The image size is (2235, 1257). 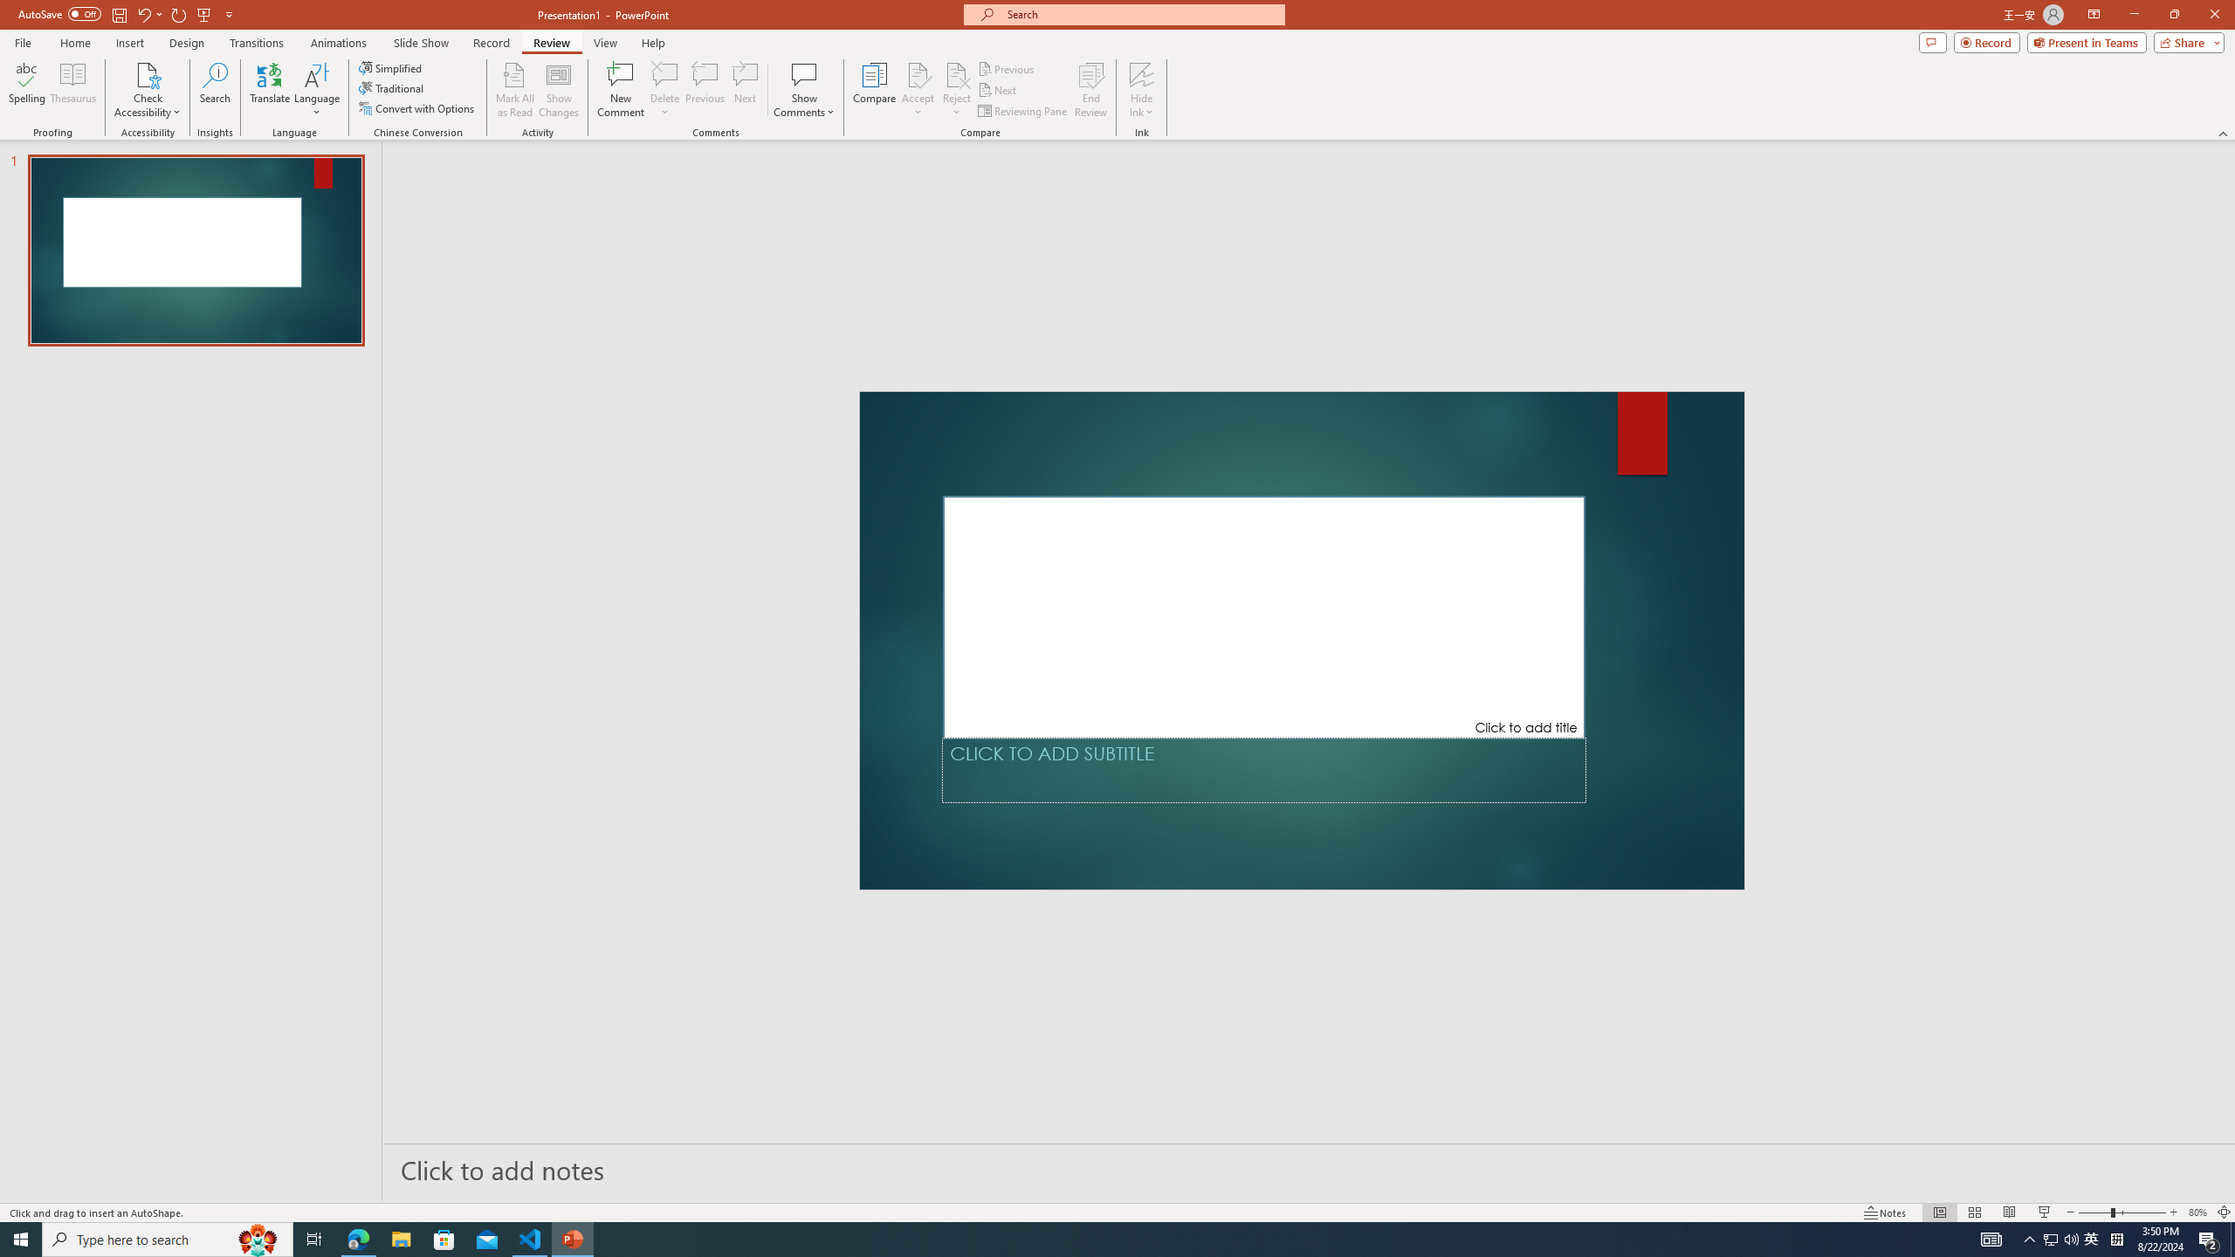 I want to click on 'Subtitle TextBox', so click(x=1263, y=769).